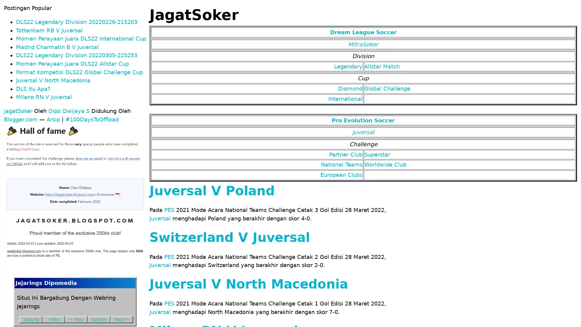 This screenshot has width=581, height=327. What do you see at coordinates (76, 319) in the screenshot?
I see `Prev` at bounding box center [76, 319].